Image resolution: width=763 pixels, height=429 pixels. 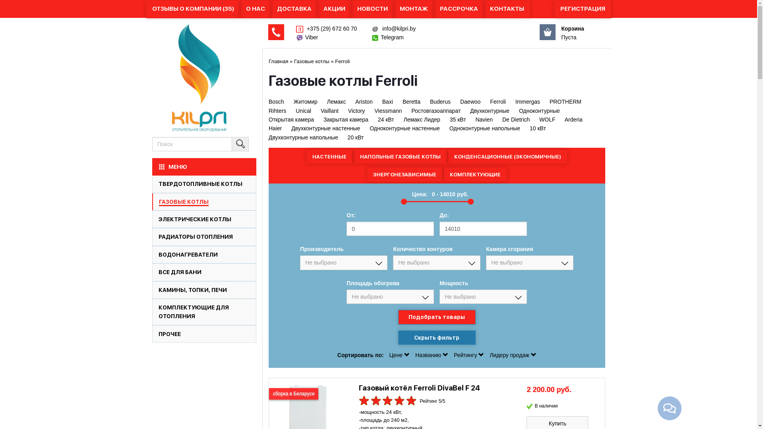 I want to click on 'Baxi', so click(x=387, y=101).